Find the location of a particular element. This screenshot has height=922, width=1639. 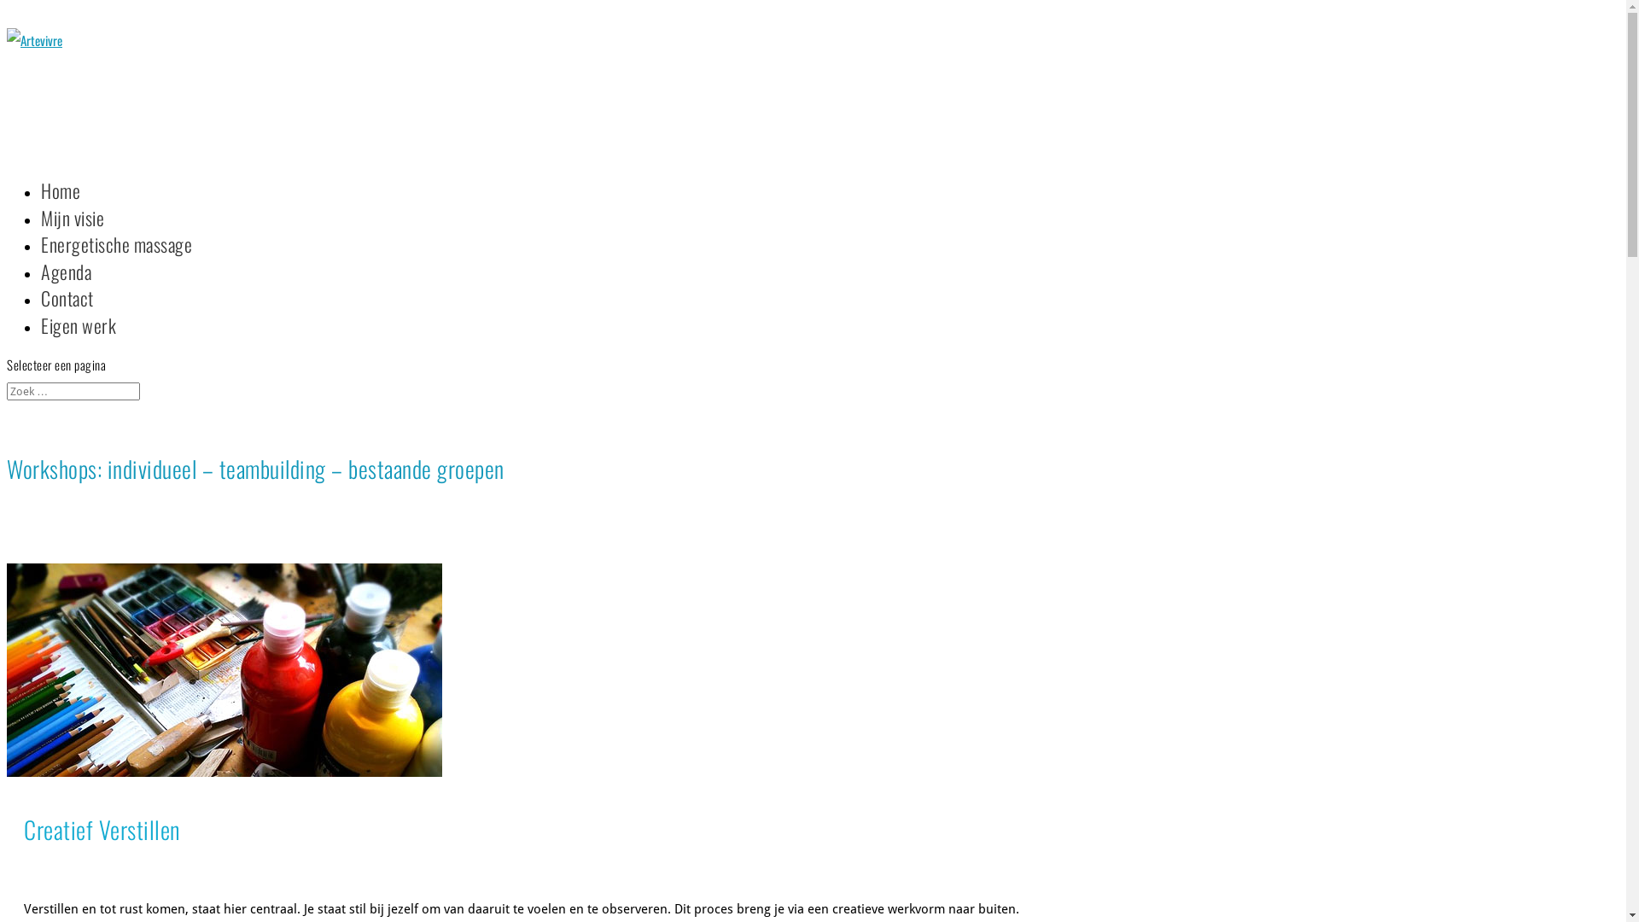

'Agenda' is located at coordinates (66, 289).